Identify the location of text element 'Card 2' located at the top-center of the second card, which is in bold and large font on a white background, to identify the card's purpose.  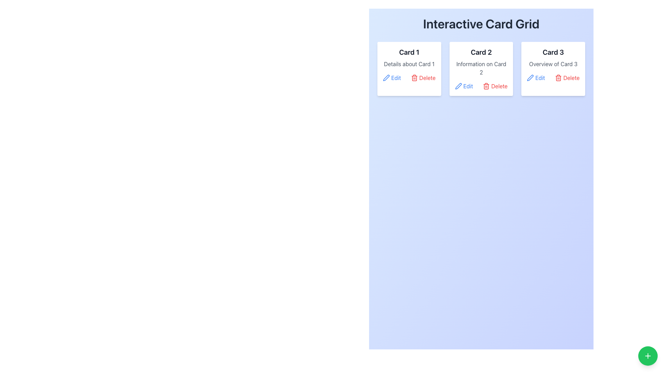
(481, 52).